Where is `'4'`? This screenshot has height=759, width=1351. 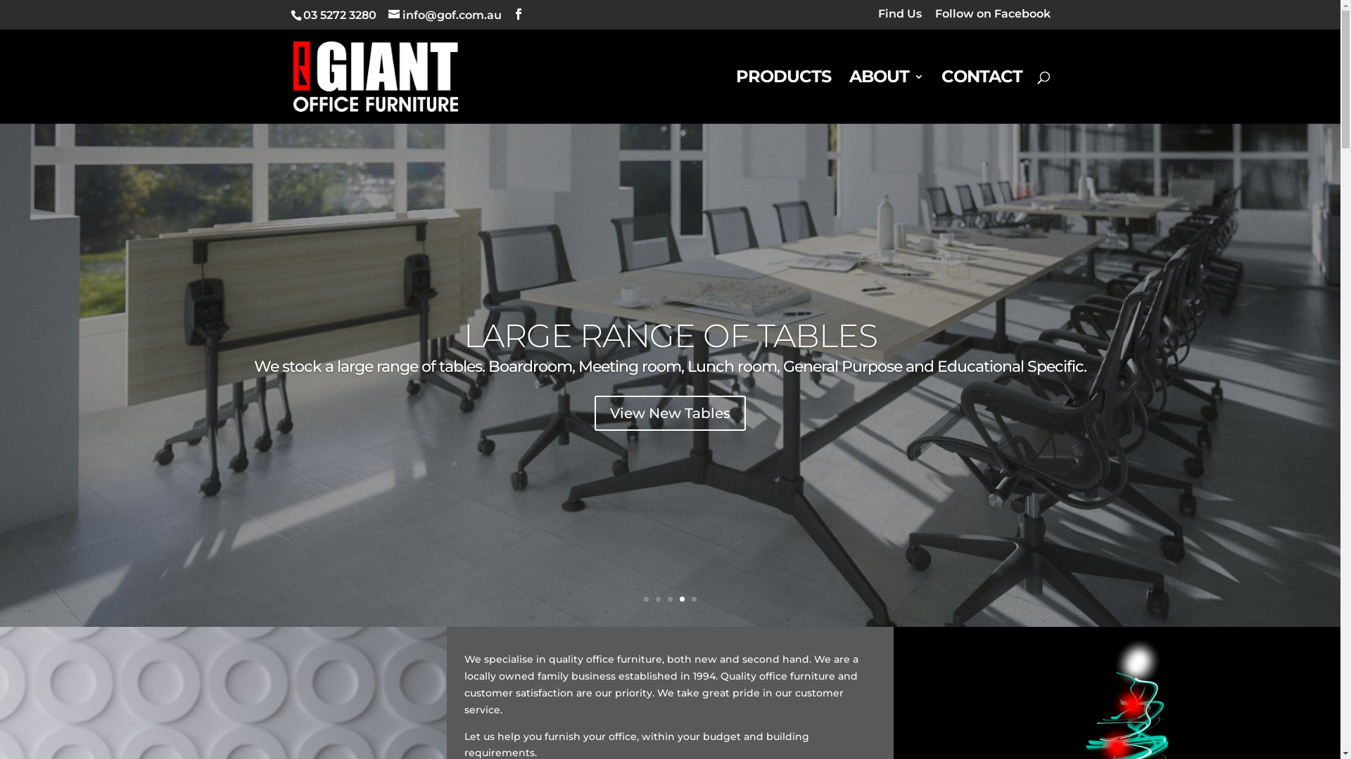 '4' is located at coordinates (679, 599).